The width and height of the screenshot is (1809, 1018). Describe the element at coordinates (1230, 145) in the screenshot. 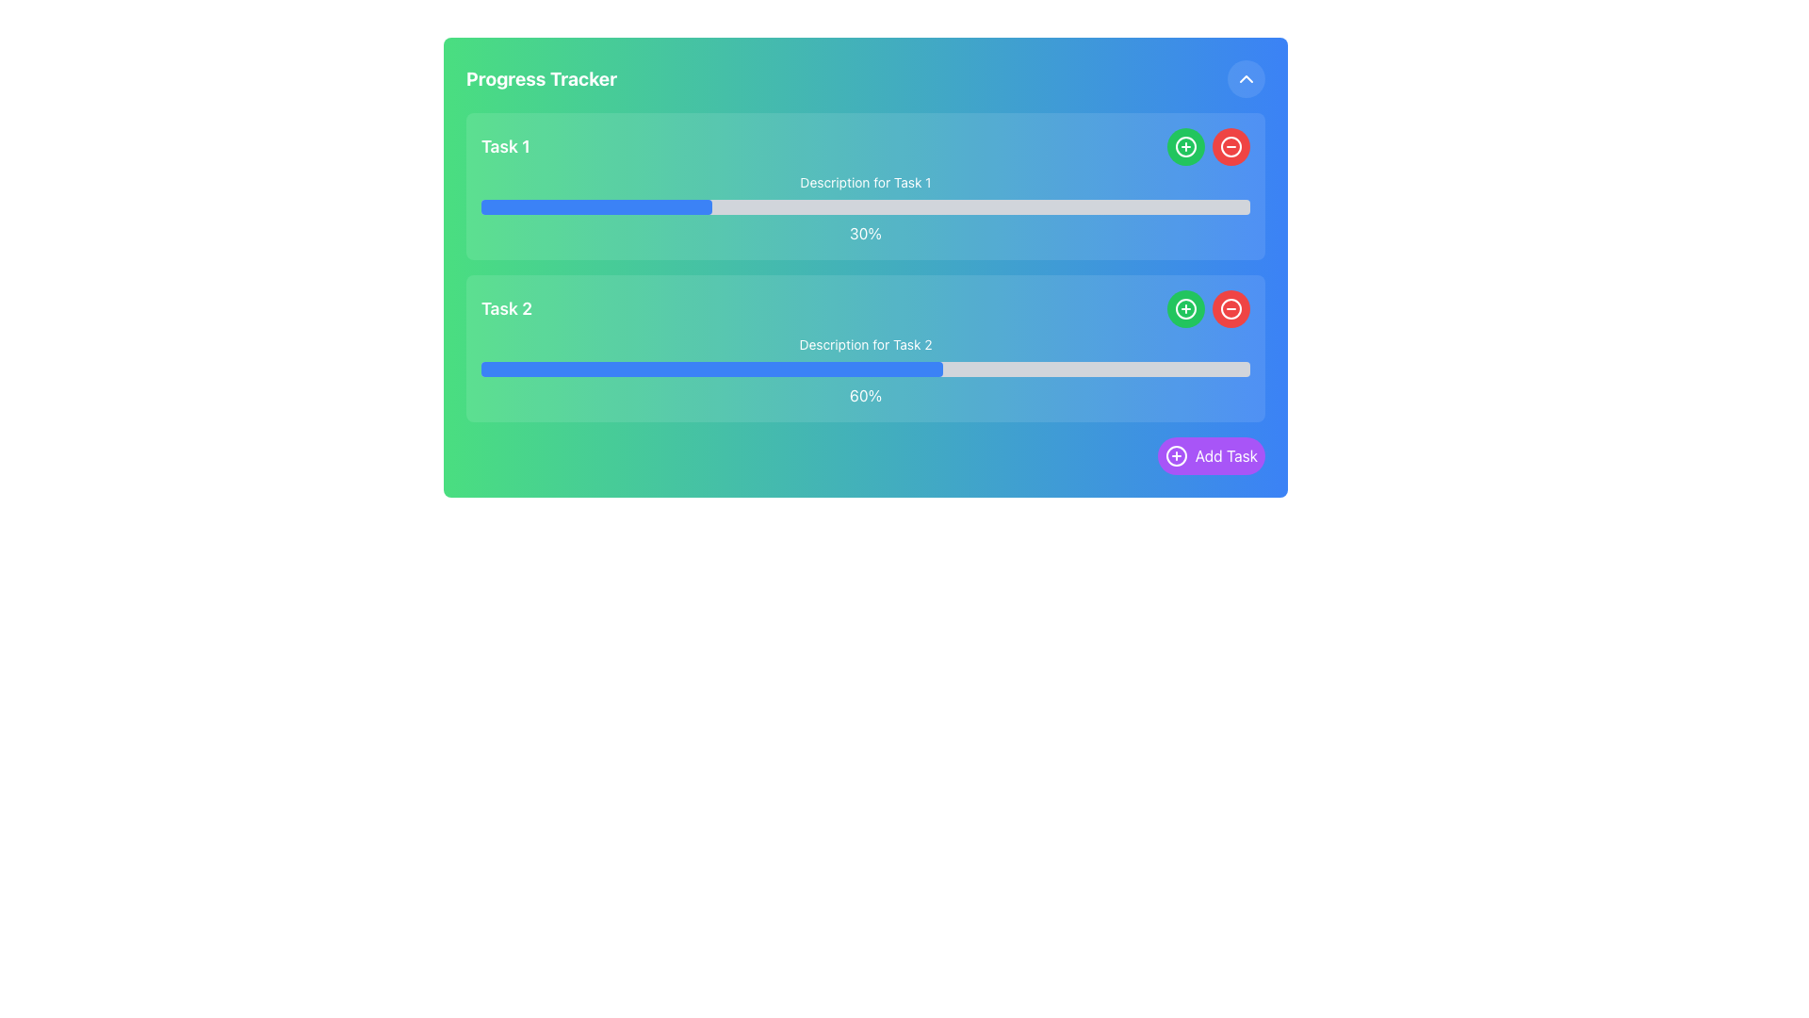

I see `the 'remove' icon button located in the top-right corner of the Task 1 row` at that location.